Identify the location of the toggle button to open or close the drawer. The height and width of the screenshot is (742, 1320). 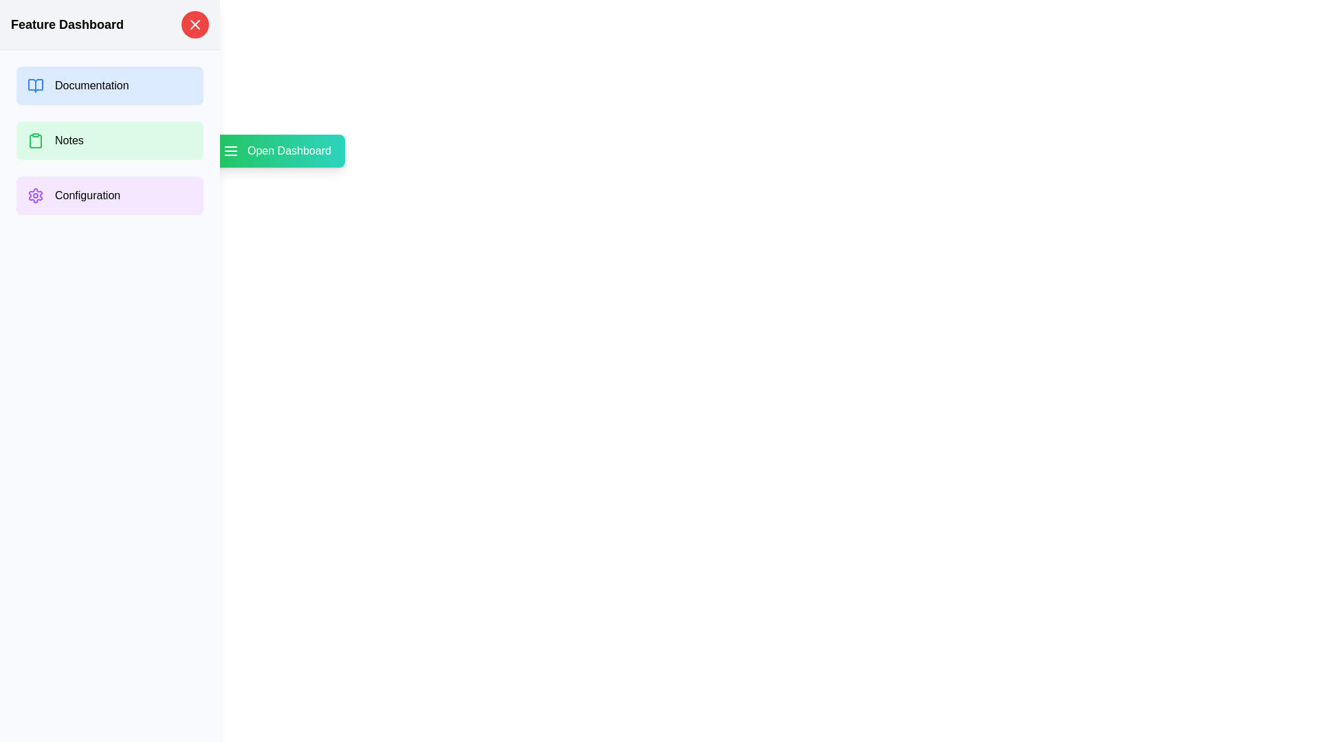
(276, 150).